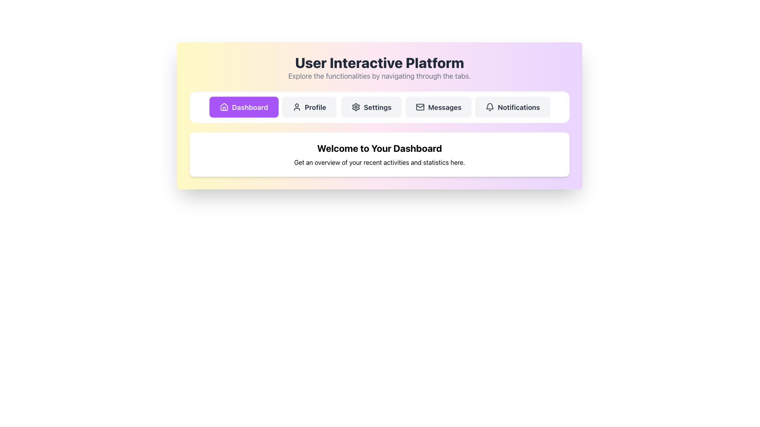  I want to click on the rectangular graphic element with rounded corners located within the mail icon of the Messages button in the top navigation bar, so click(420, 107).